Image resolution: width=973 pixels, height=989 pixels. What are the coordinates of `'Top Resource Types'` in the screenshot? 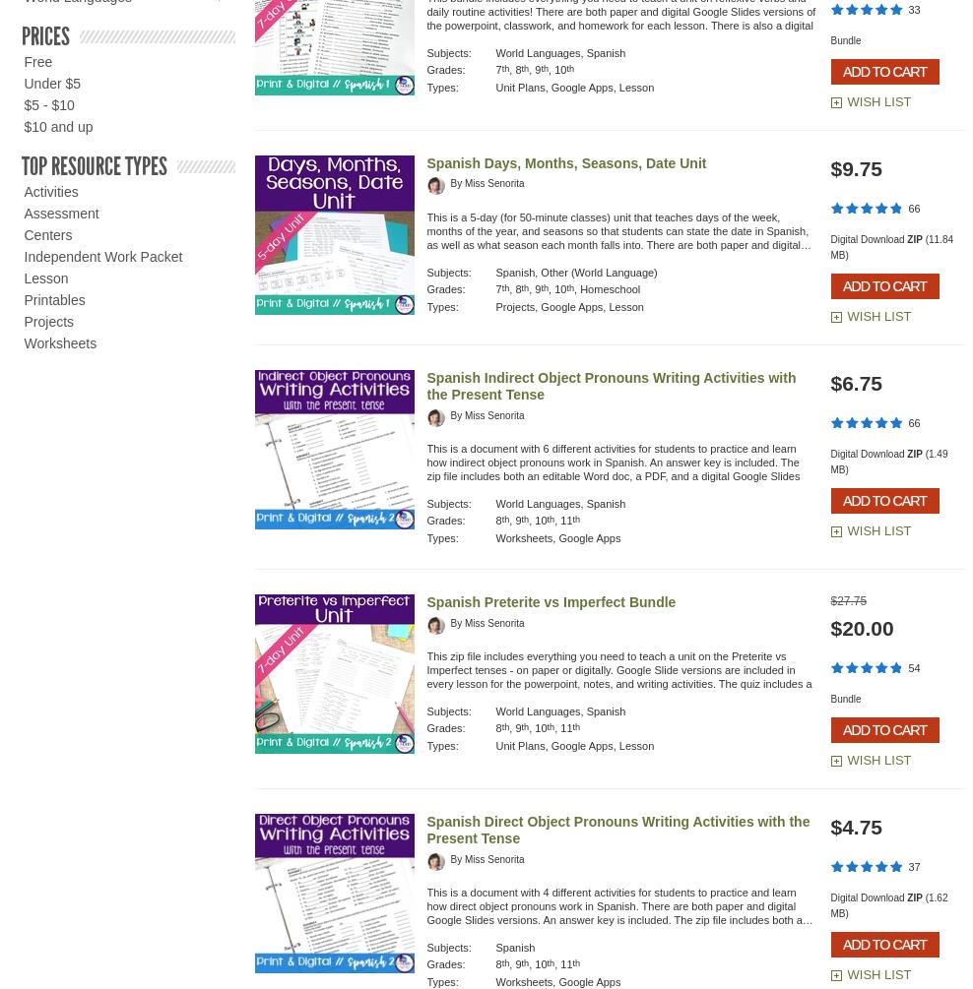 It's located at (94, 165).